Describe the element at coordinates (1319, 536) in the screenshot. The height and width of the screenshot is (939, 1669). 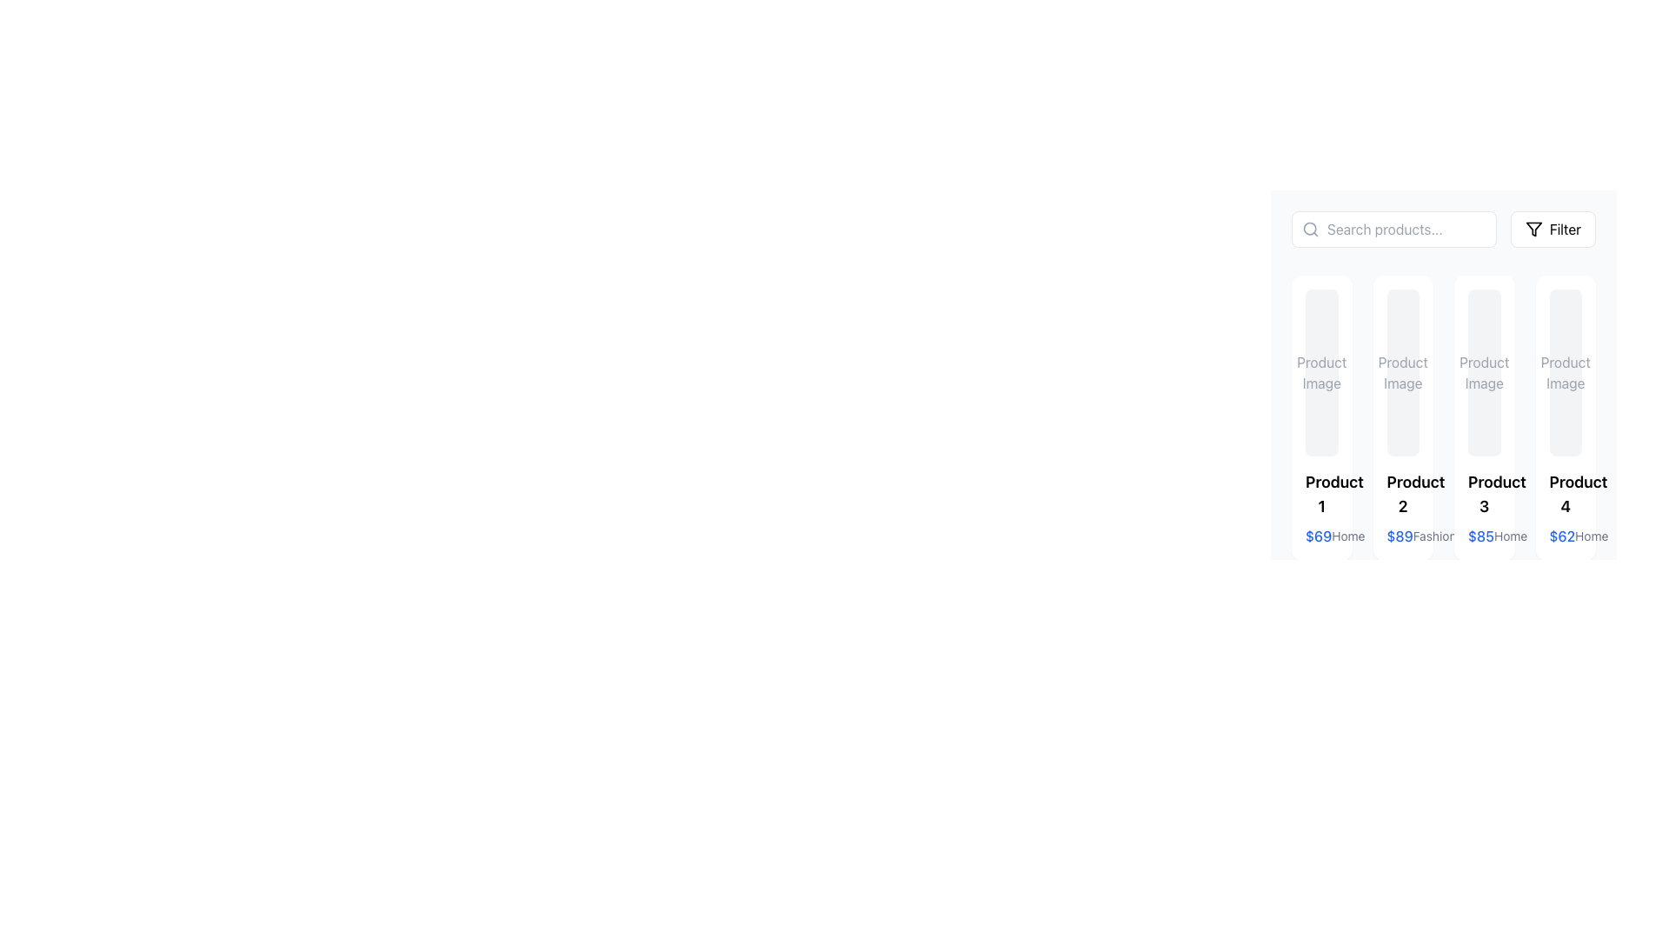
I see `the text label displaying '$69' which is in medium-weight blue font, positioned to the left of 'Home' under the 'Product 1' label` at that location.